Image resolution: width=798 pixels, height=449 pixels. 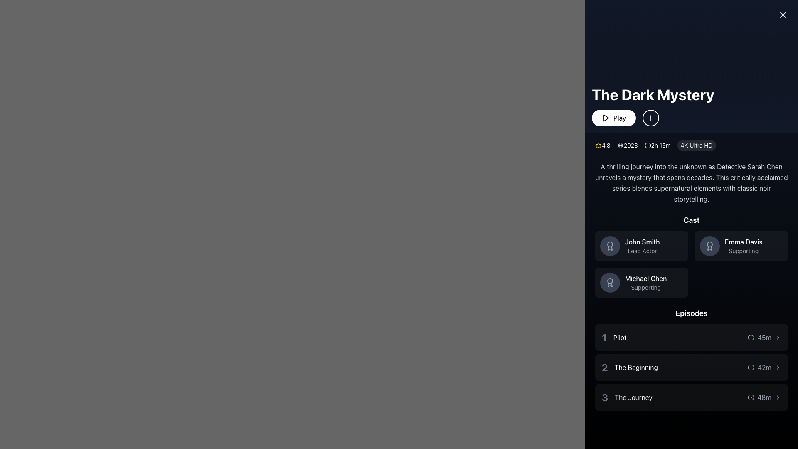 What do you see at coordinates (778, 367) in the screenshot?
I see `the right-pointing chevron icon in the 'Episodes' section` at bounding box center [778, 367].